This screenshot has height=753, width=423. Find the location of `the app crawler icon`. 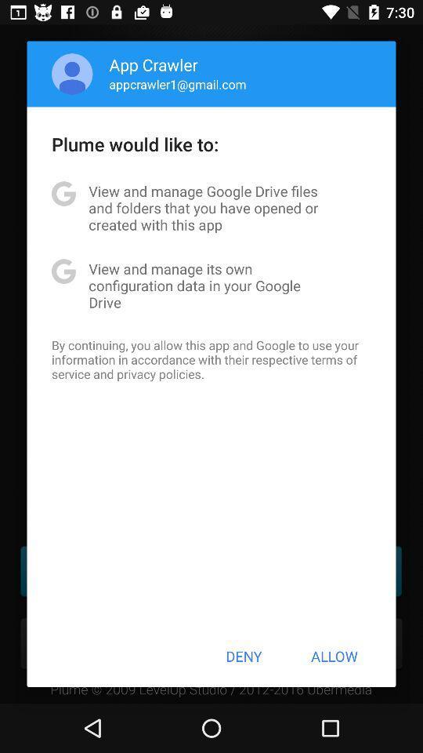

the app crawler icon is located at coordinates (154, 64).